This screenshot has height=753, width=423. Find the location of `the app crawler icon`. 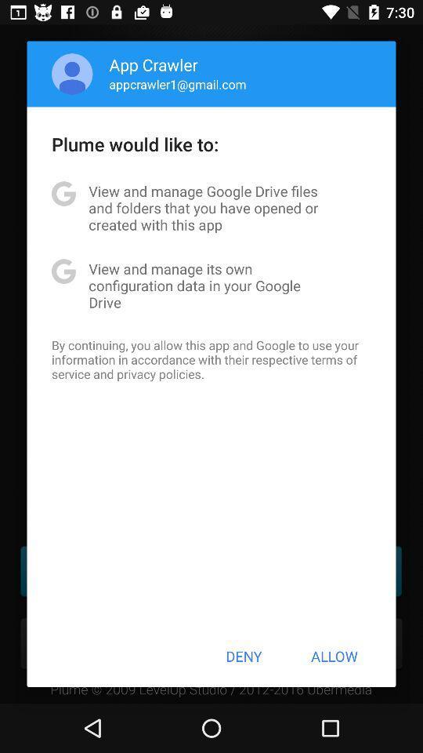

the app crawler icon is located at coordinates (154, 64).